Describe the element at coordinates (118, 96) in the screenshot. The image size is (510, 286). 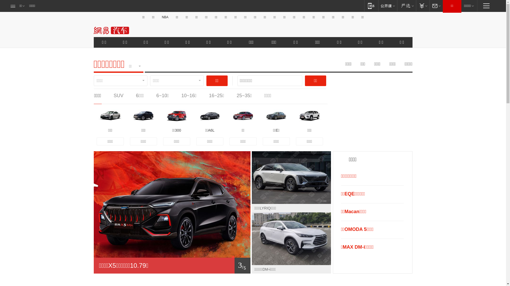
I see `'SUV'` at that location.